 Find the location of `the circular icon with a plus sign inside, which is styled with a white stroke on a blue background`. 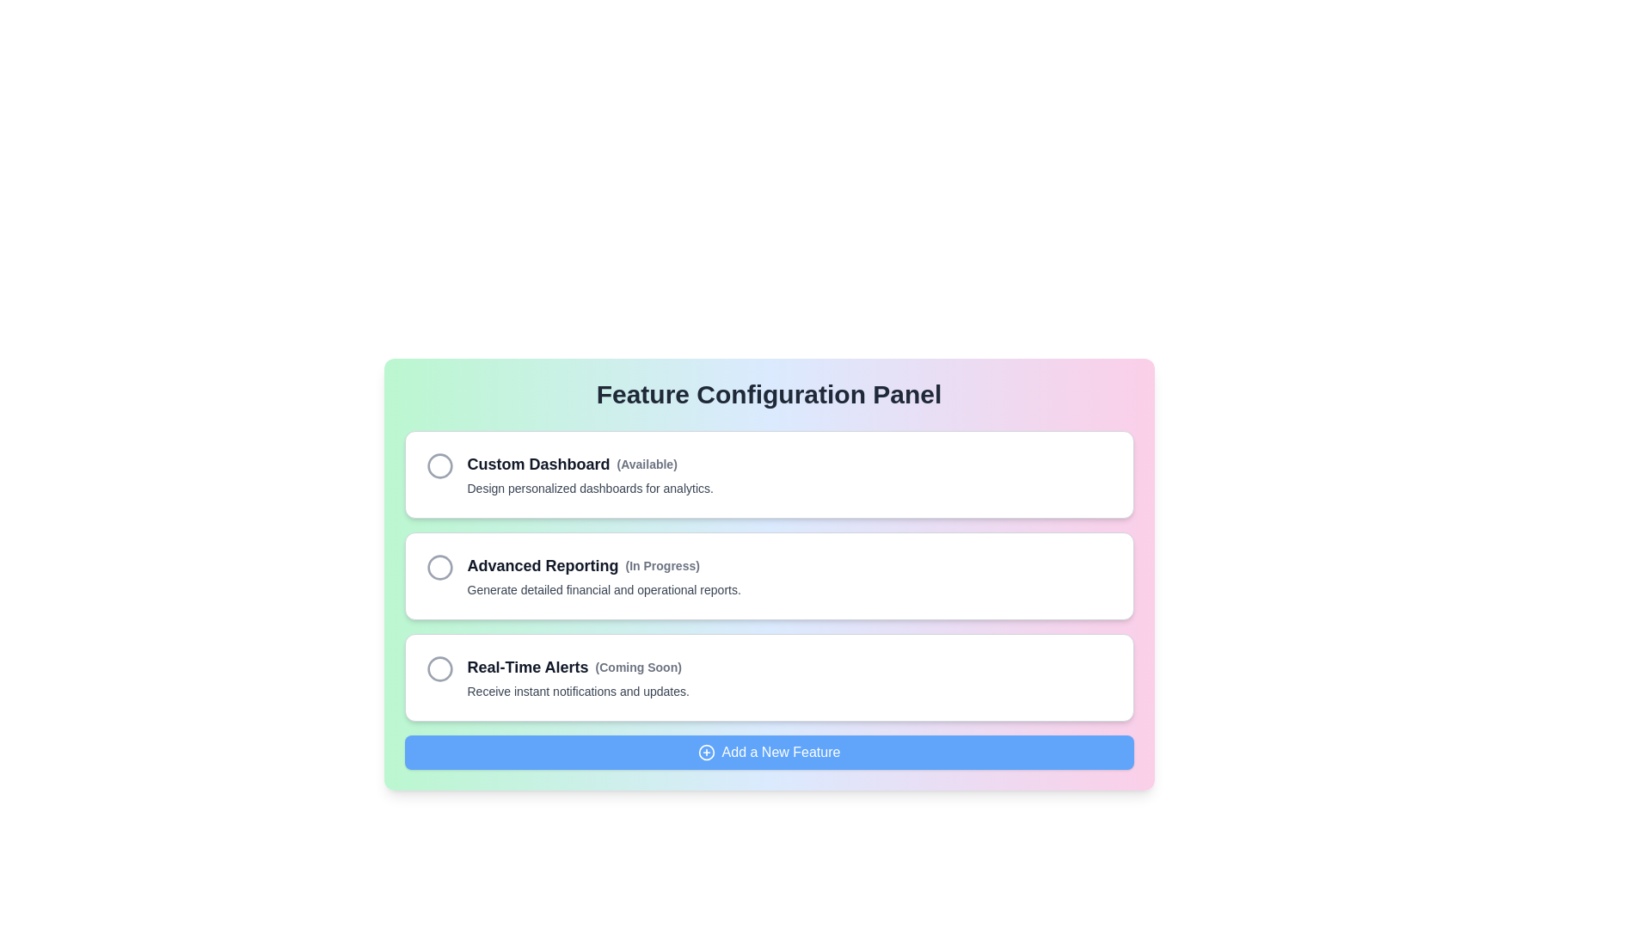

the circular icon with a plus sign inside, which is styled with a white stroke on a blue background is located at coordinates (706, 752).